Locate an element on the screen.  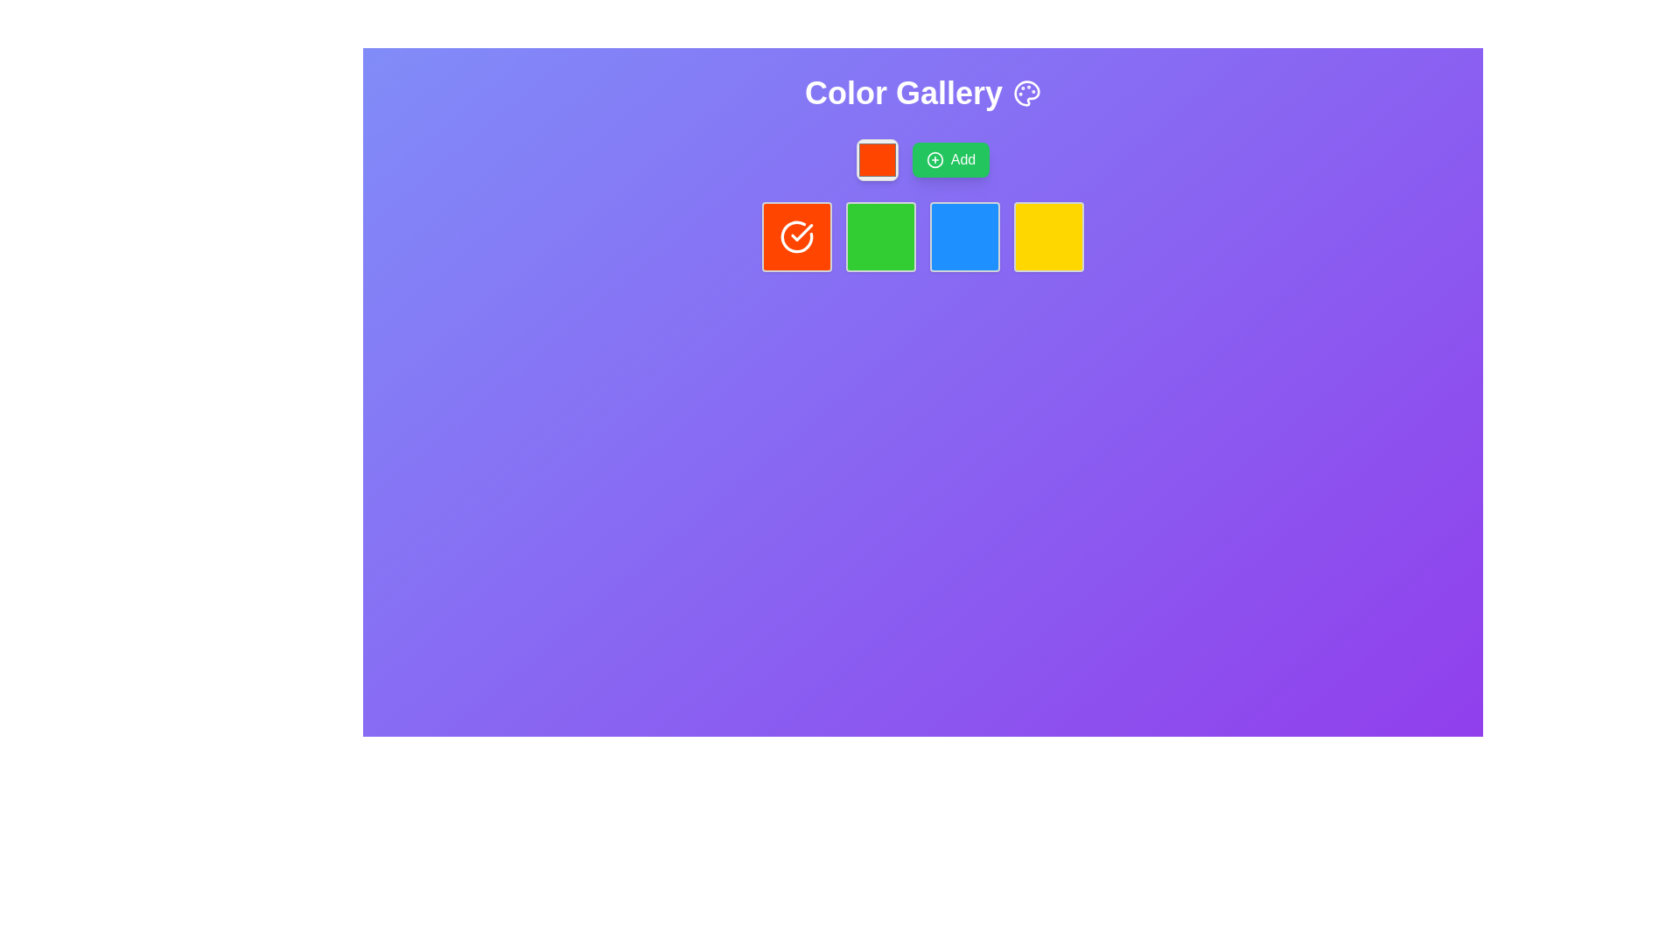
the color palette icon located at the top right corner of the 'Color Gallery' heading area for navigation or interaction is located at coordinates (1027, 94).